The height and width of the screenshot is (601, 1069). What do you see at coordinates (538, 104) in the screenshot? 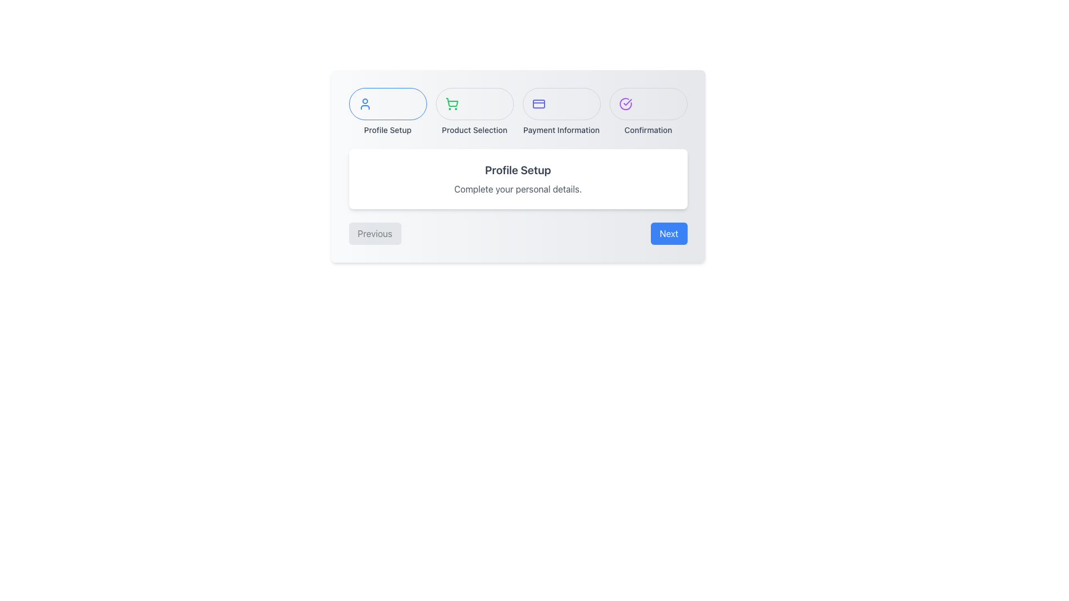
I see `the indigo credit card icon located in the navigation bar under the 'Payment Information' label` at bounding box center [538, 104].